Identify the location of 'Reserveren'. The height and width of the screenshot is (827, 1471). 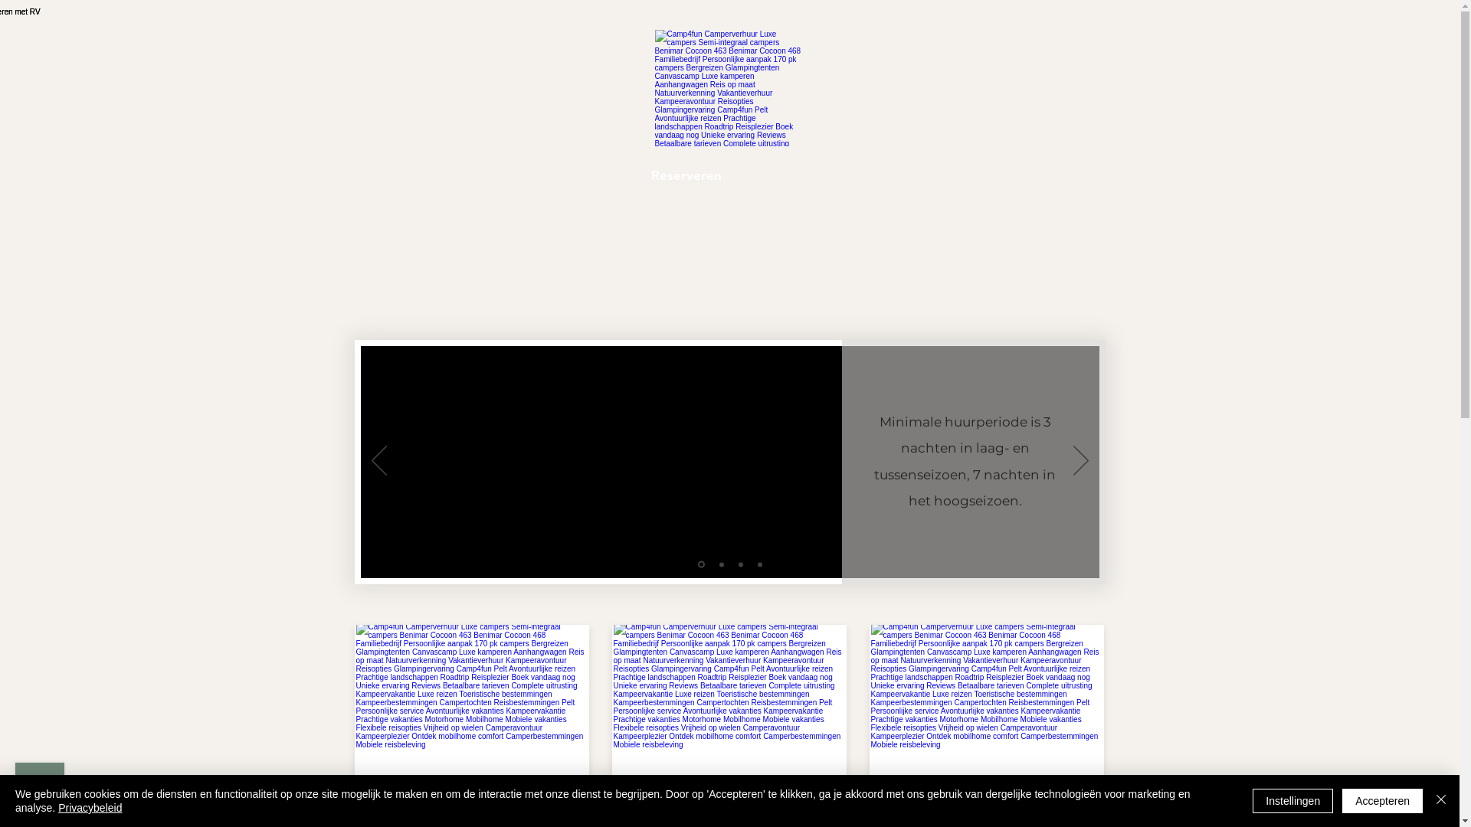
(686, 174).